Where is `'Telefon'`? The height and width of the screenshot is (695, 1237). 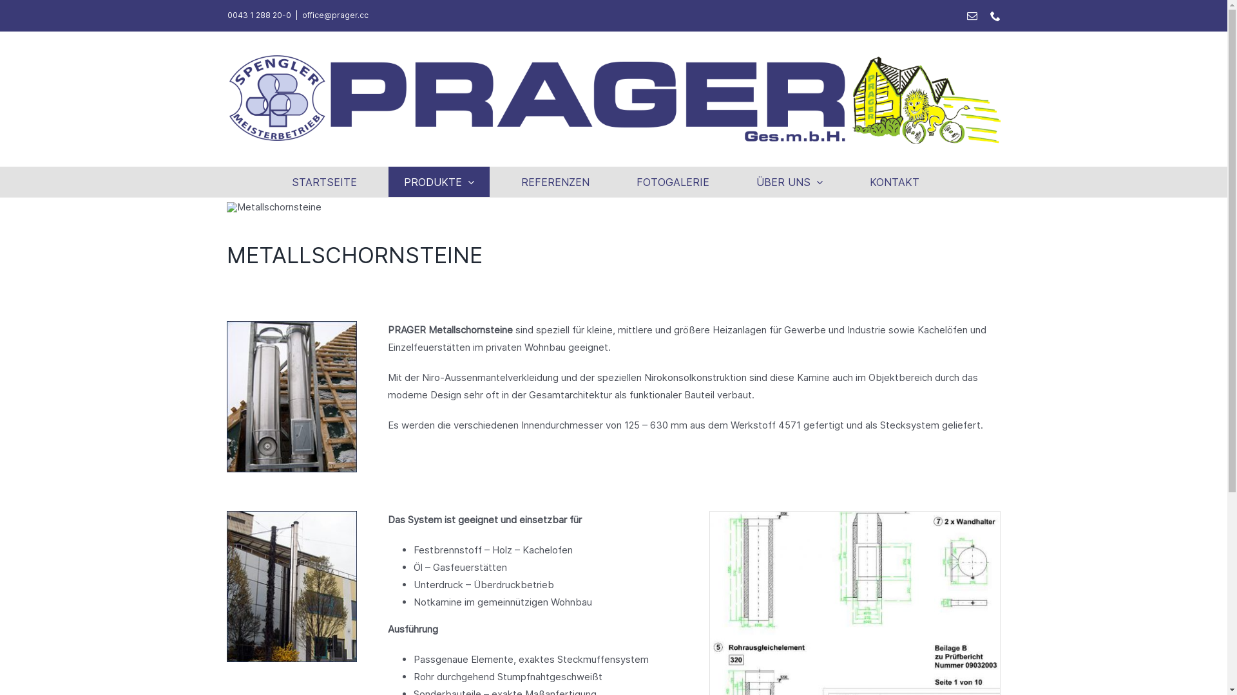
'Telefon' is located at coordinates (994, 15).